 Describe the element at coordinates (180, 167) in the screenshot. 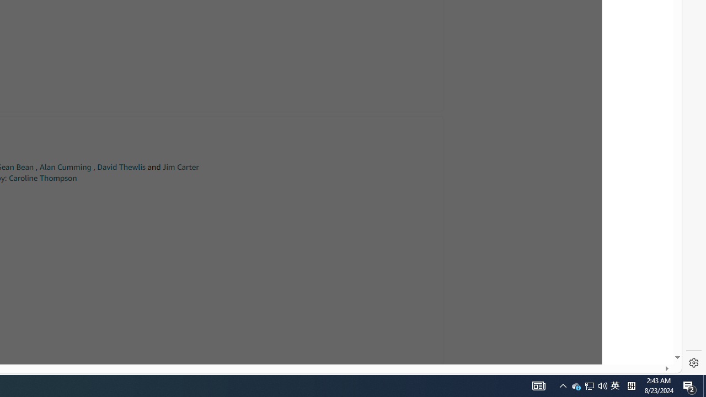

I see `'Jim Carter'` at that location.